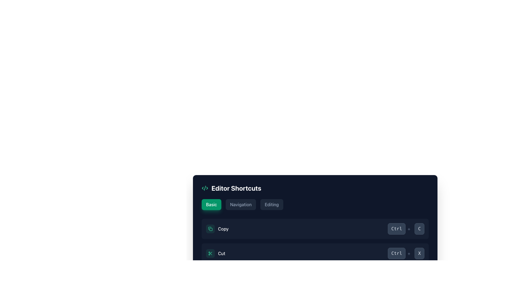 Image resolution: width=524 pixels, height=295 pixels. Describe the element at coordinates (419, 253) in the screenshot. I see `the decorative label representing the keyboard key 'X' in the 'Cut' entry of the 'Basic' tab in the 'Editor Shortcuts' section` at that location.